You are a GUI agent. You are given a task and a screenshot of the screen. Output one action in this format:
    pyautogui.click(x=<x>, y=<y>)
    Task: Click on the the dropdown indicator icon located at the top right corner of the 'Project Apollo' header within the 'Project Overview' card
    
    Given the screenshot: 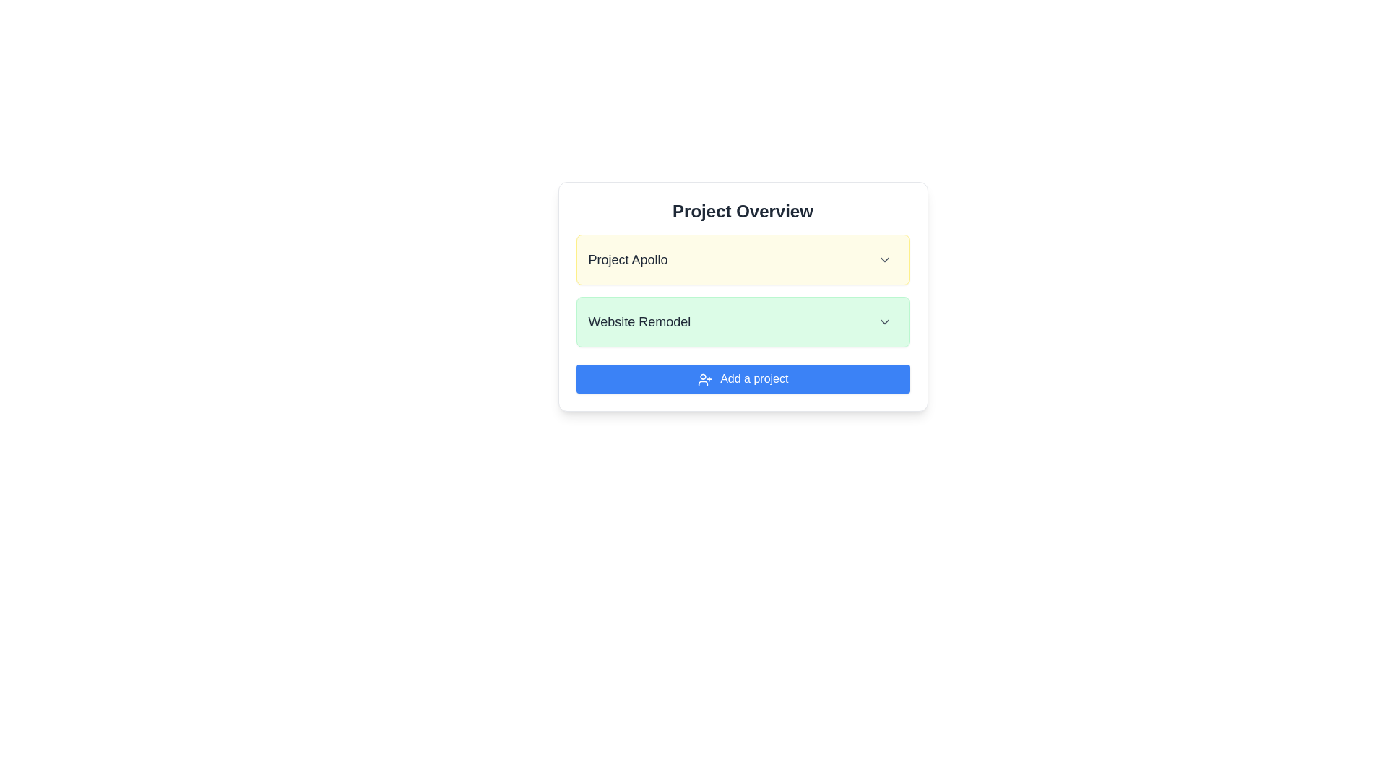 What is the action you would take?
    pyautogui.click(x=883, y=259)
    